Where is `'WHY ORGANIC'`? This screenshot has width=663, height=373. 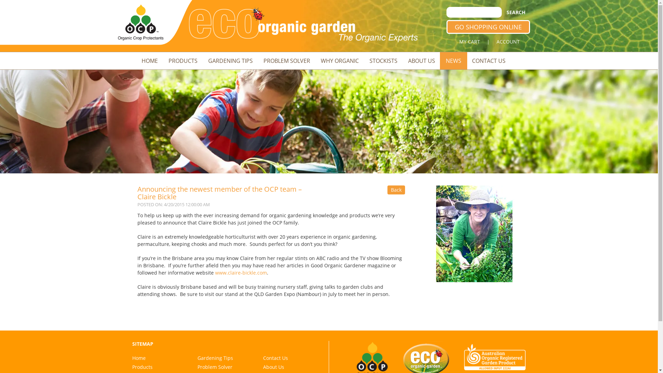
'WHY ORGANIC' is located at coordinates (315, 60).